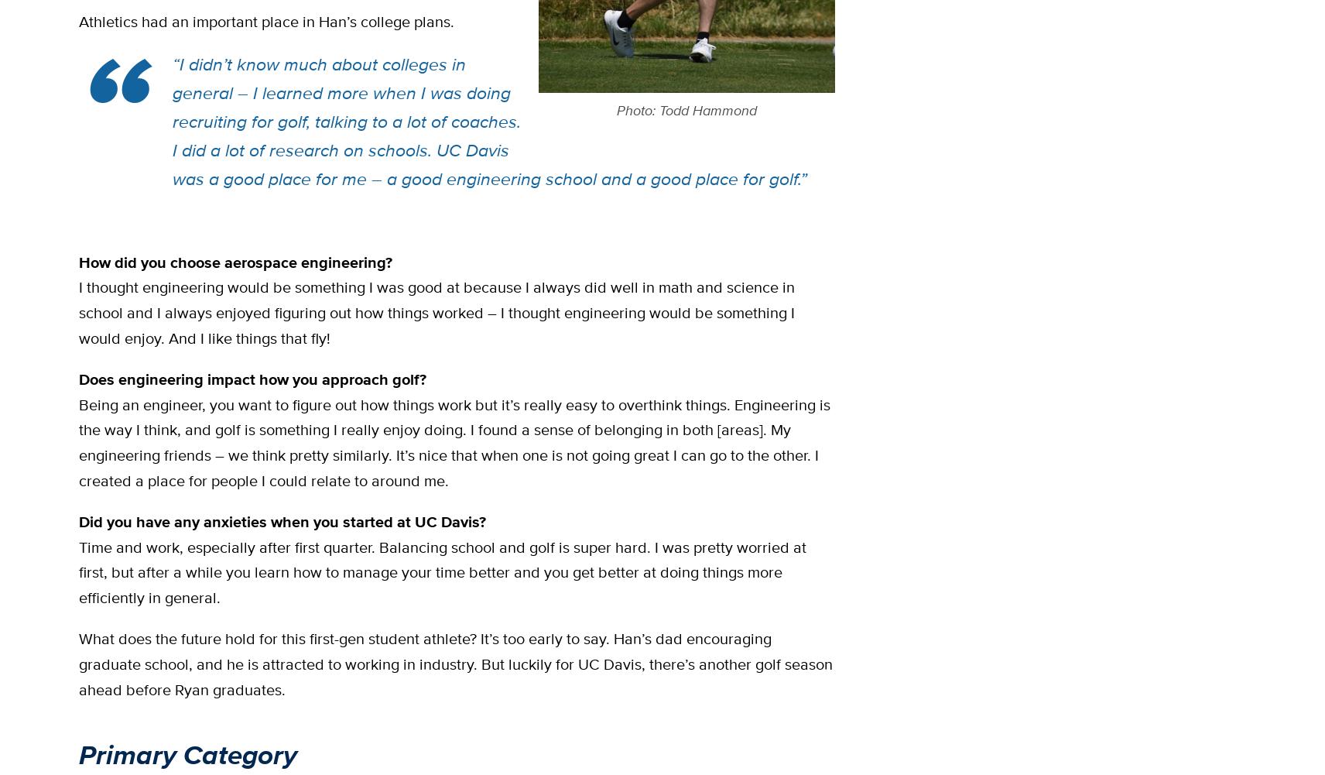 The width and height of the screenshot is (1325, 775). I want to click on 'Does engineering impact how you approach golf?', so click(252, 378).